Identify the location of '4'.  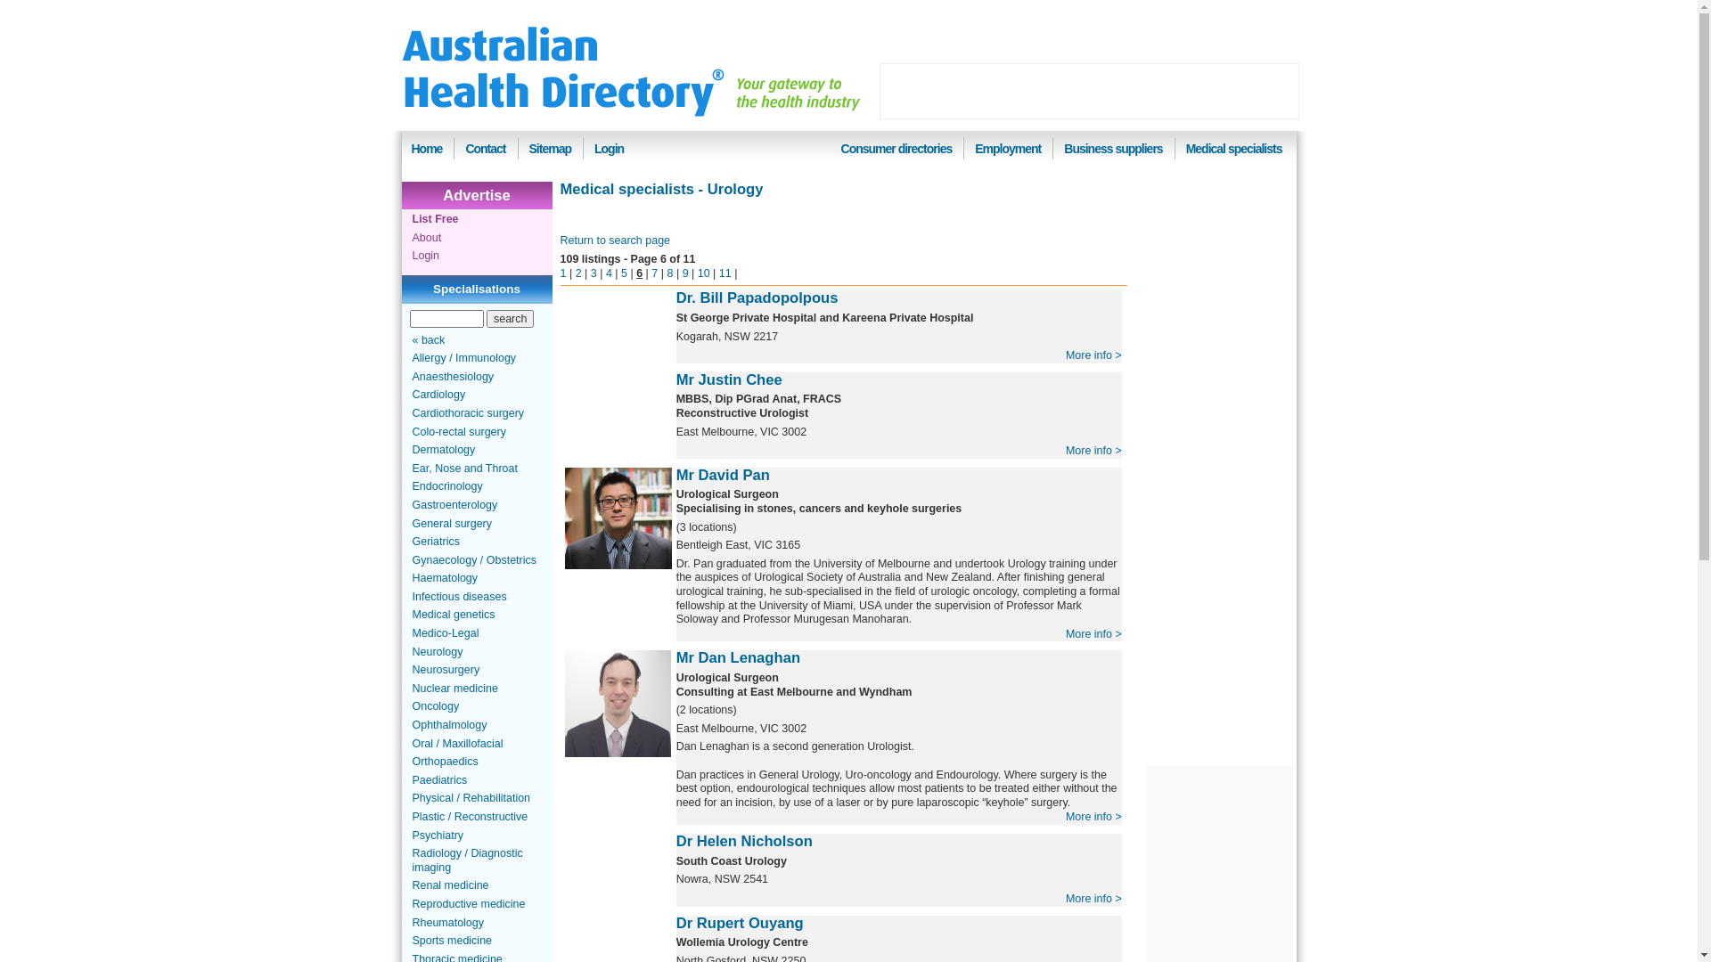
(609, 273).